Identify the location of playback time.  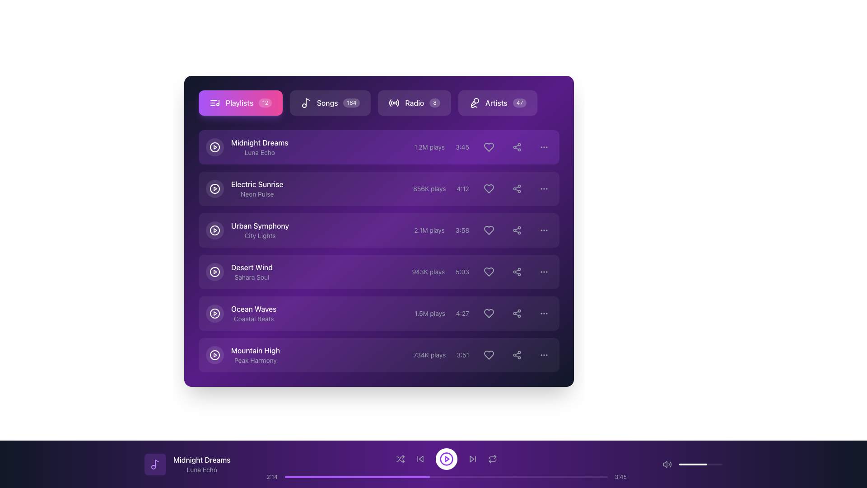
(413, 477).